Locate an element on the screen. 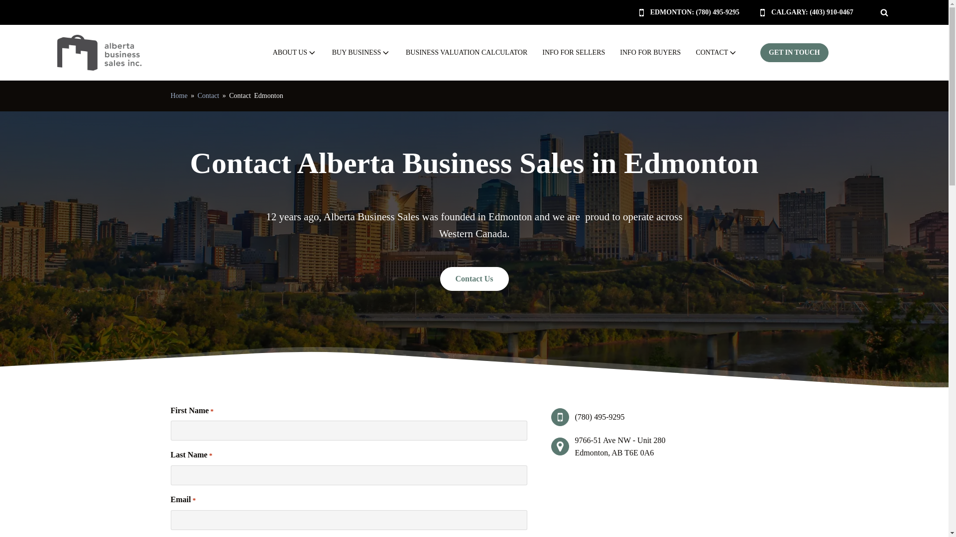  'CONTACT' is located at coordinates (716, 52).